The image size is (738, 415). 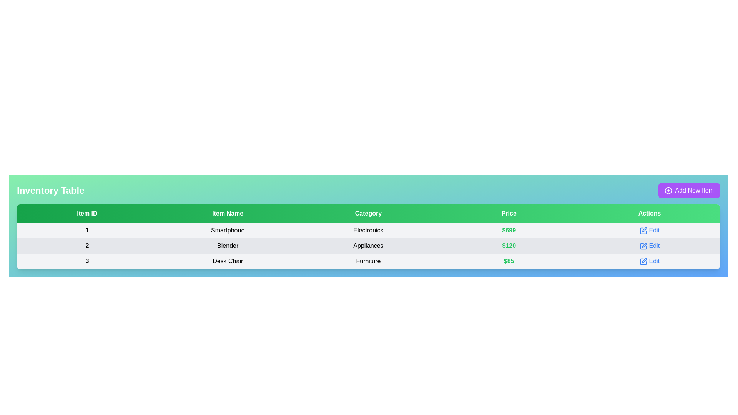 What do you see at coordinates (227, 246) in the screenshot?
I see `the text label displaying the name of an item in the second row of the table under the 'Item Name' column` at bounding box center [227, 246].